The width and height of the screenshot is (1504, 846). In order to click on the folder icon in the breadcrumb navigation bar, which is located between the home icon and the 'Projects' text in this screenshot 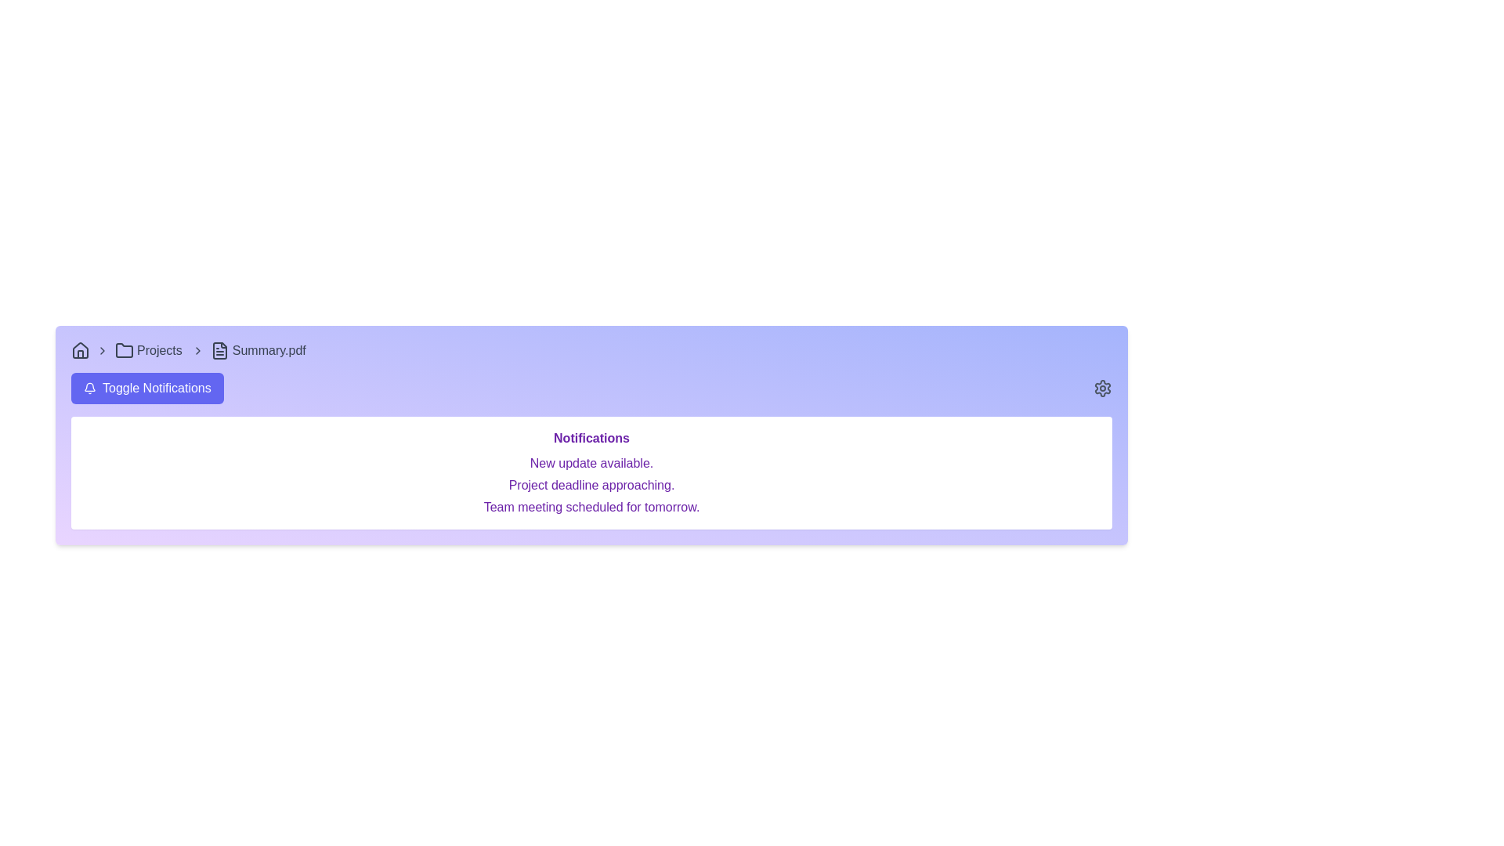, I will do `click(123, 349)`.